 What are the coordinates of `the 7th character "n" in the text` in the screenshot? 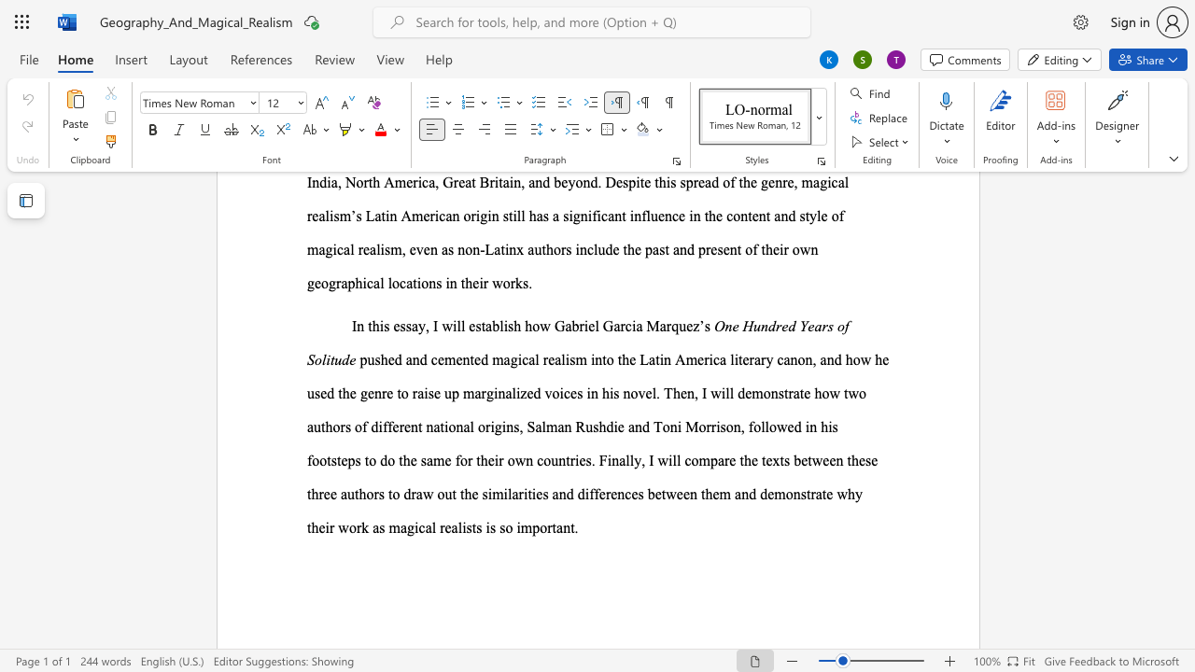 It's located at (693, 493).